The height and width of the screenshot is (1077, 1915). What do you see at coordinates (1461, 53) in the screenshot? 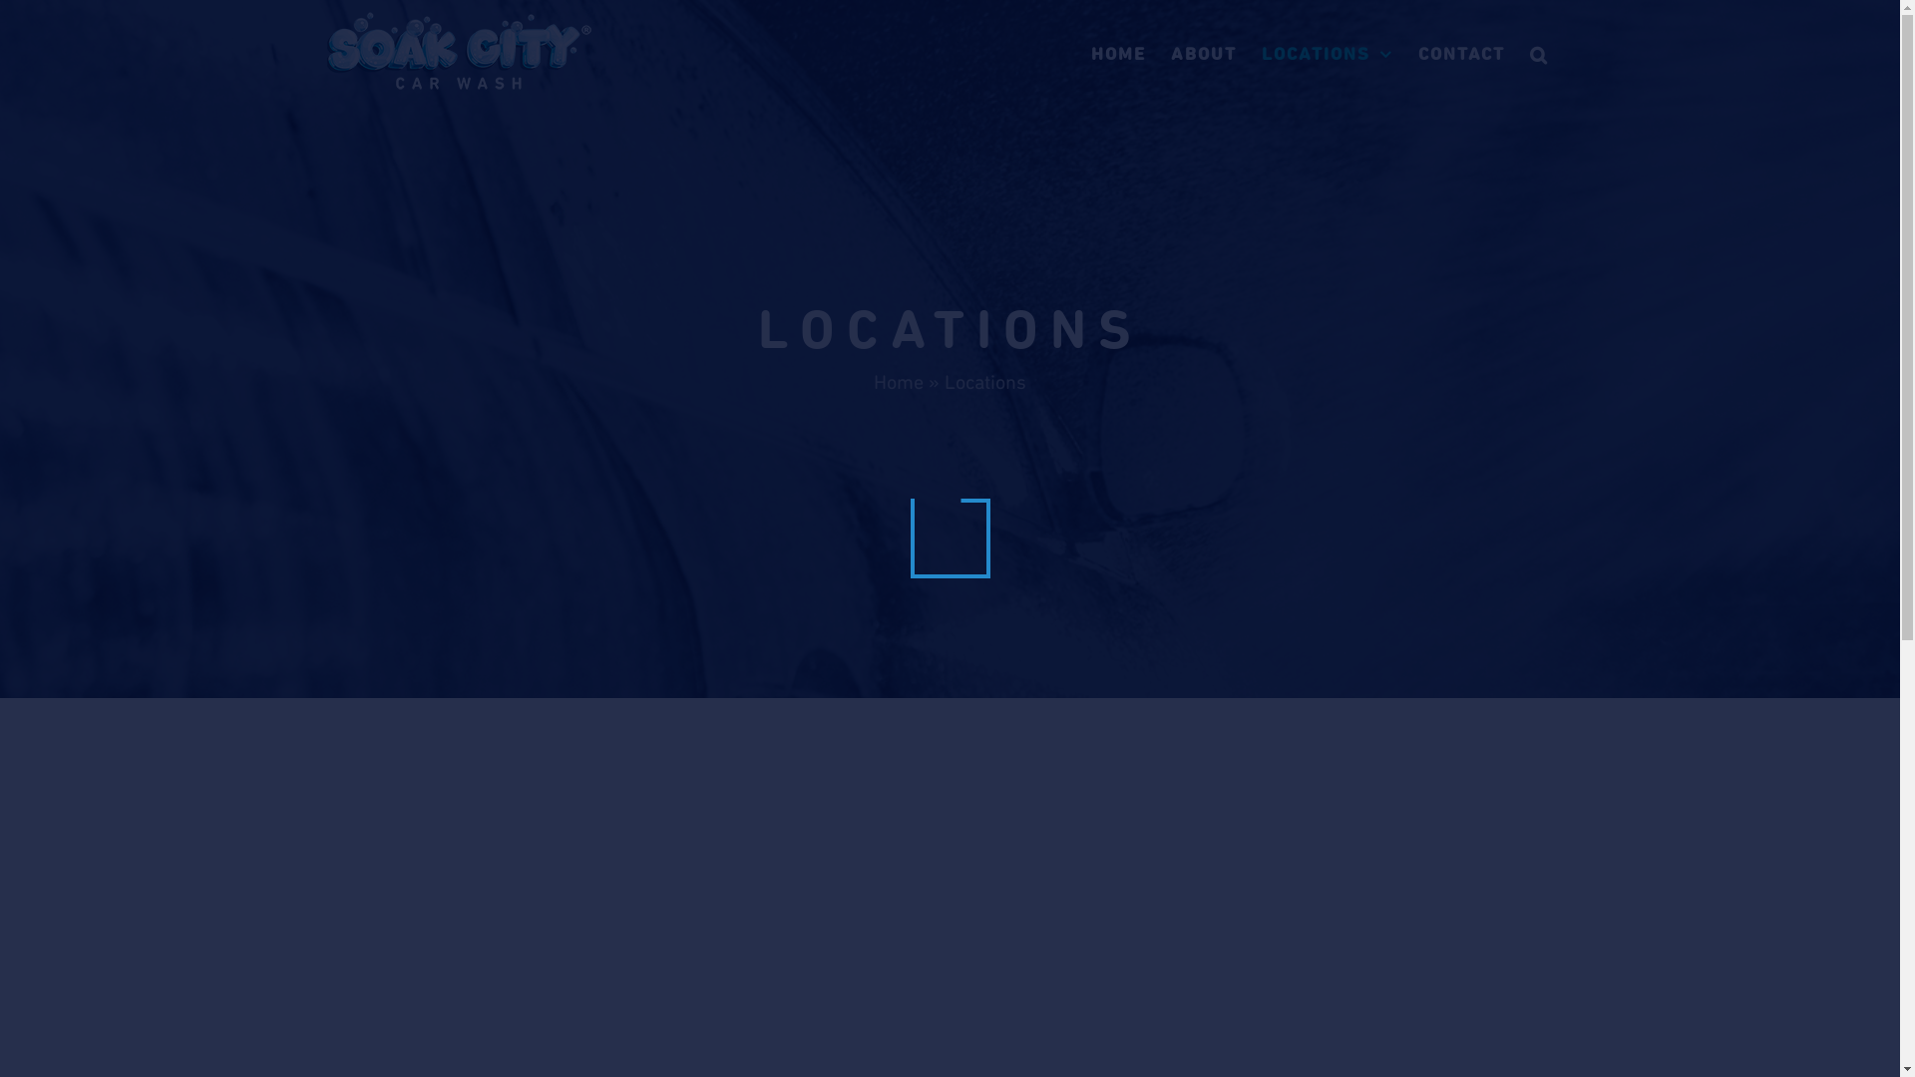
I see `'CONTACT'` at bounding box center [1461, 53].